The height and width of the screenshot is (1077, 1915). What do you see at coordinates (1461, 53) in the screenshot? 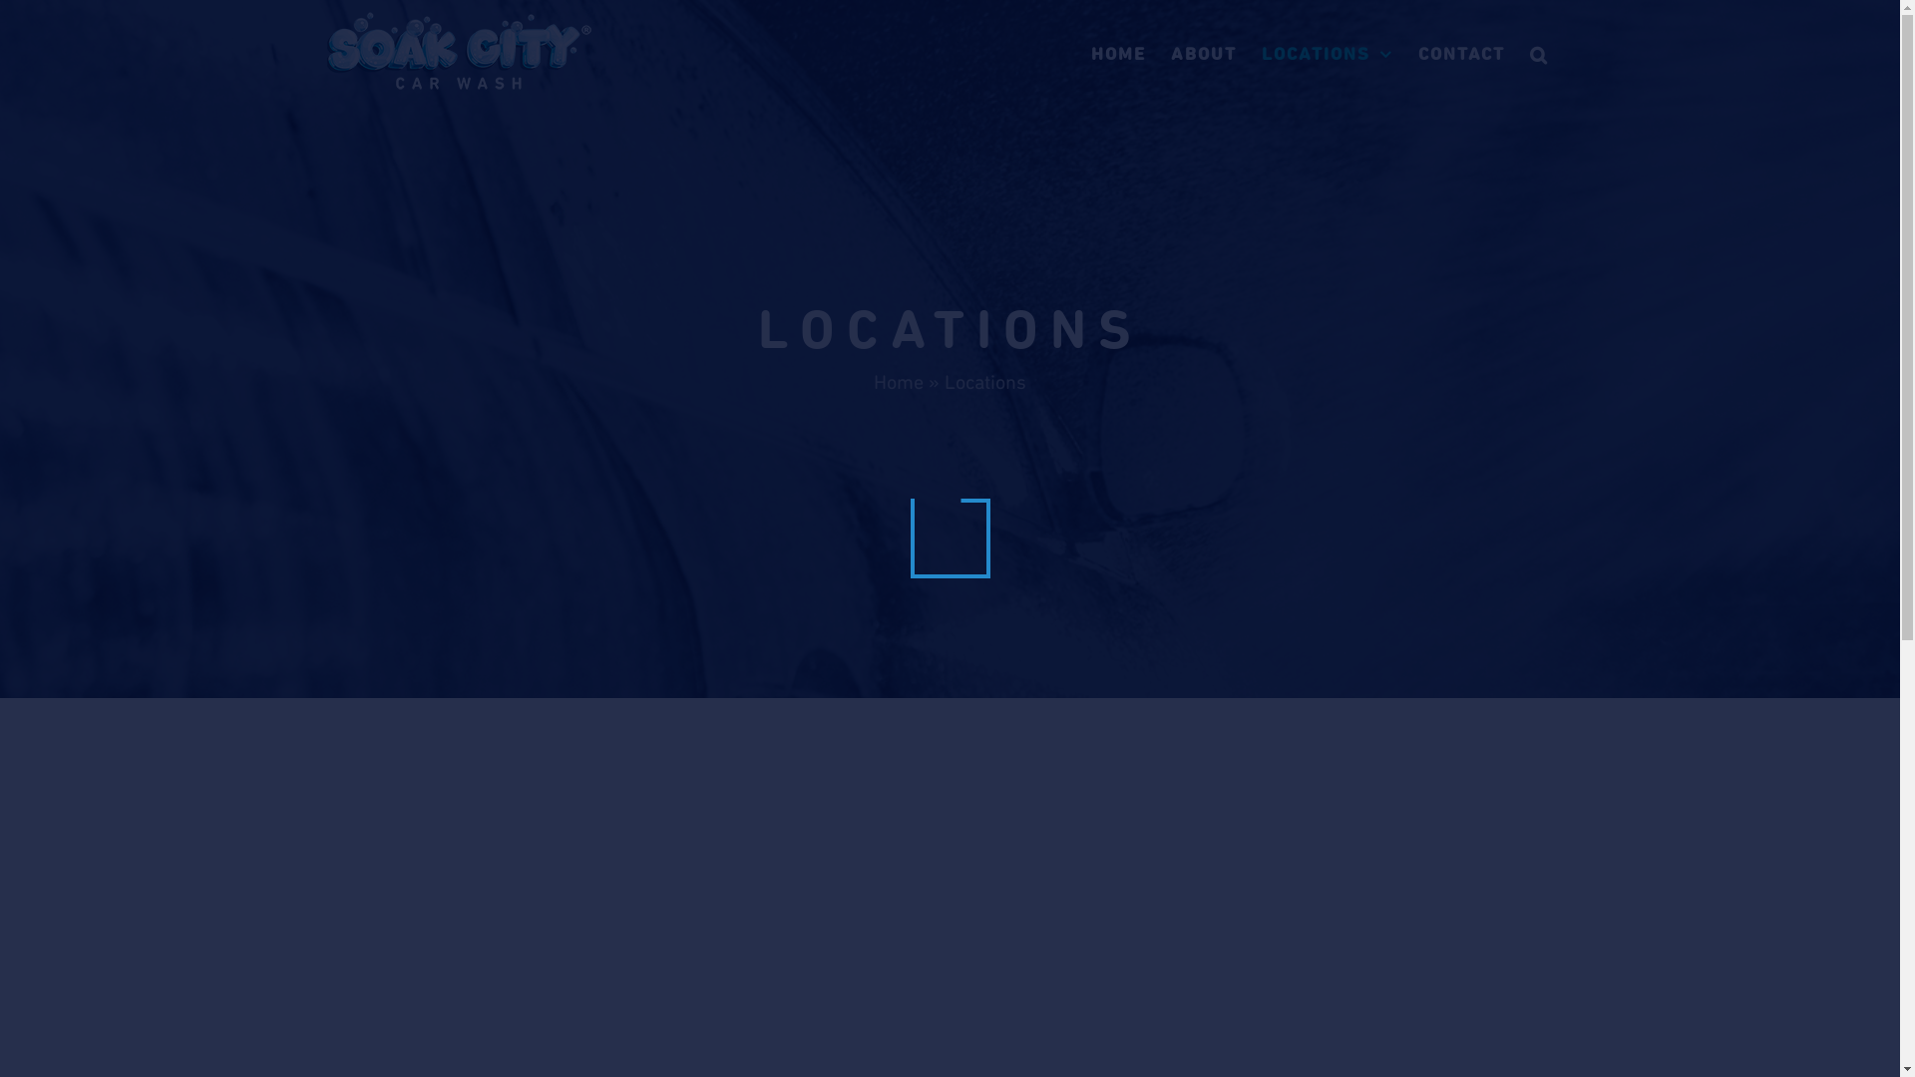
I see `'CONTACT'` at bounding box center [1461, 53].